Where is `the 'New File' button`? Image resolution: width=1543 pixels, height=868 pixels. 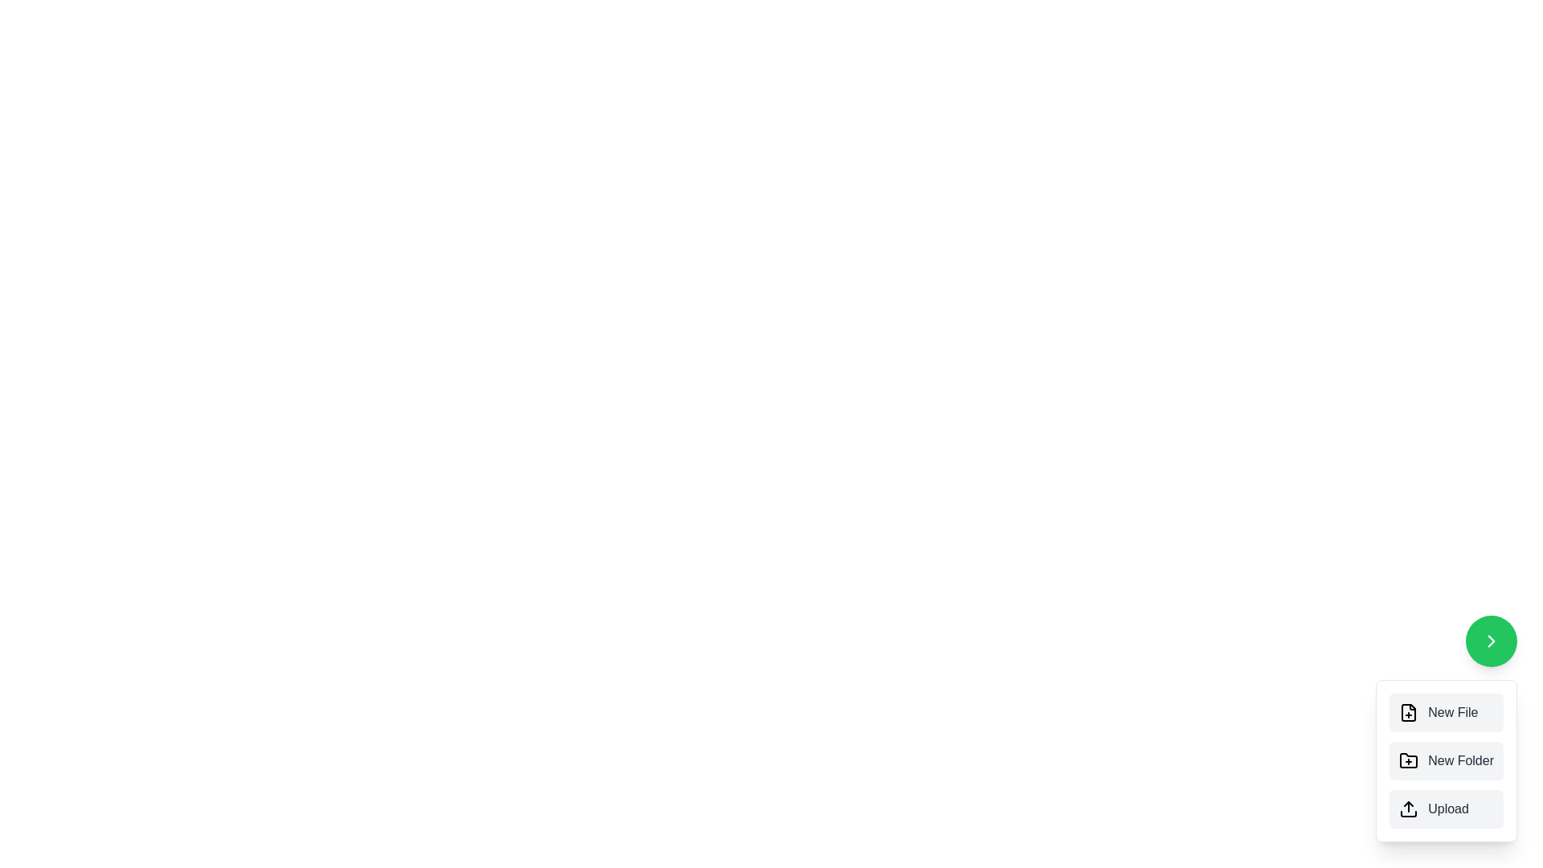
the 'New File' button is located at coordinates (1447, 712).